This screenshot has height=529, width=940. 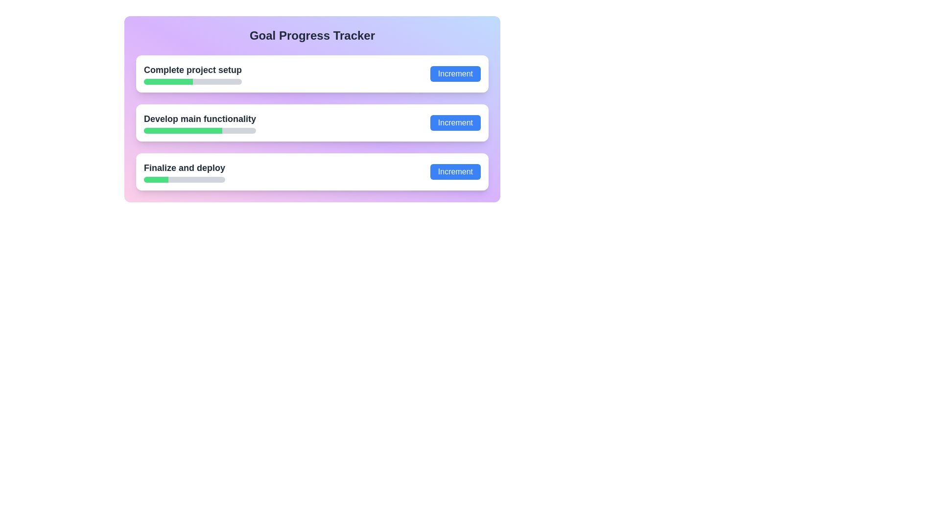 What do you see at coordinates (192, 81) in the screenshot?
I see `the progress bar indicating 50% completion for the 'Complete project setup' task, which is centrally aligned beneath the section title` at bounding box center [192, 81].